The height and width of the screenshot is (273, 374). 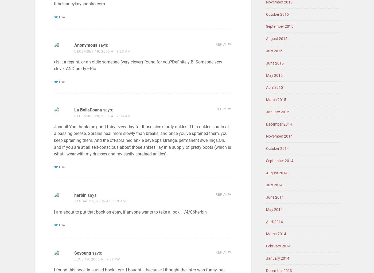 What do you see at coordinates (88, 110) in the screenshot?
I see `'La BellaDonna'` at bounding box center [88, 110].